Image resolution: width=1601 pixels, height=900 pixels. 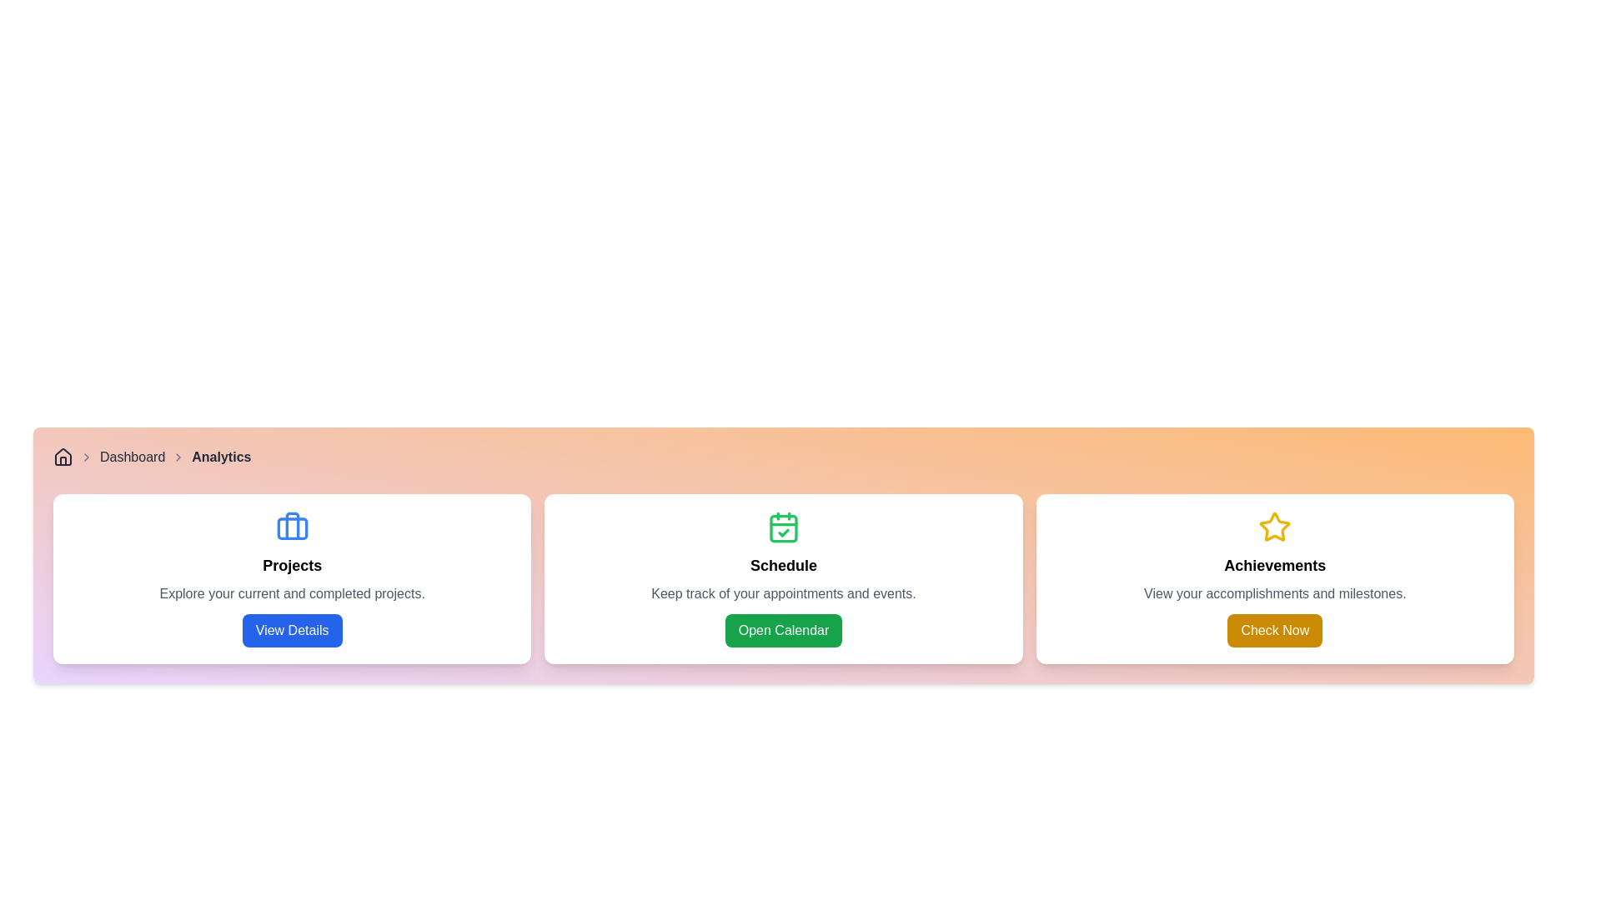 I want to click on the 'View Details' button, so click(x=292, y=630).